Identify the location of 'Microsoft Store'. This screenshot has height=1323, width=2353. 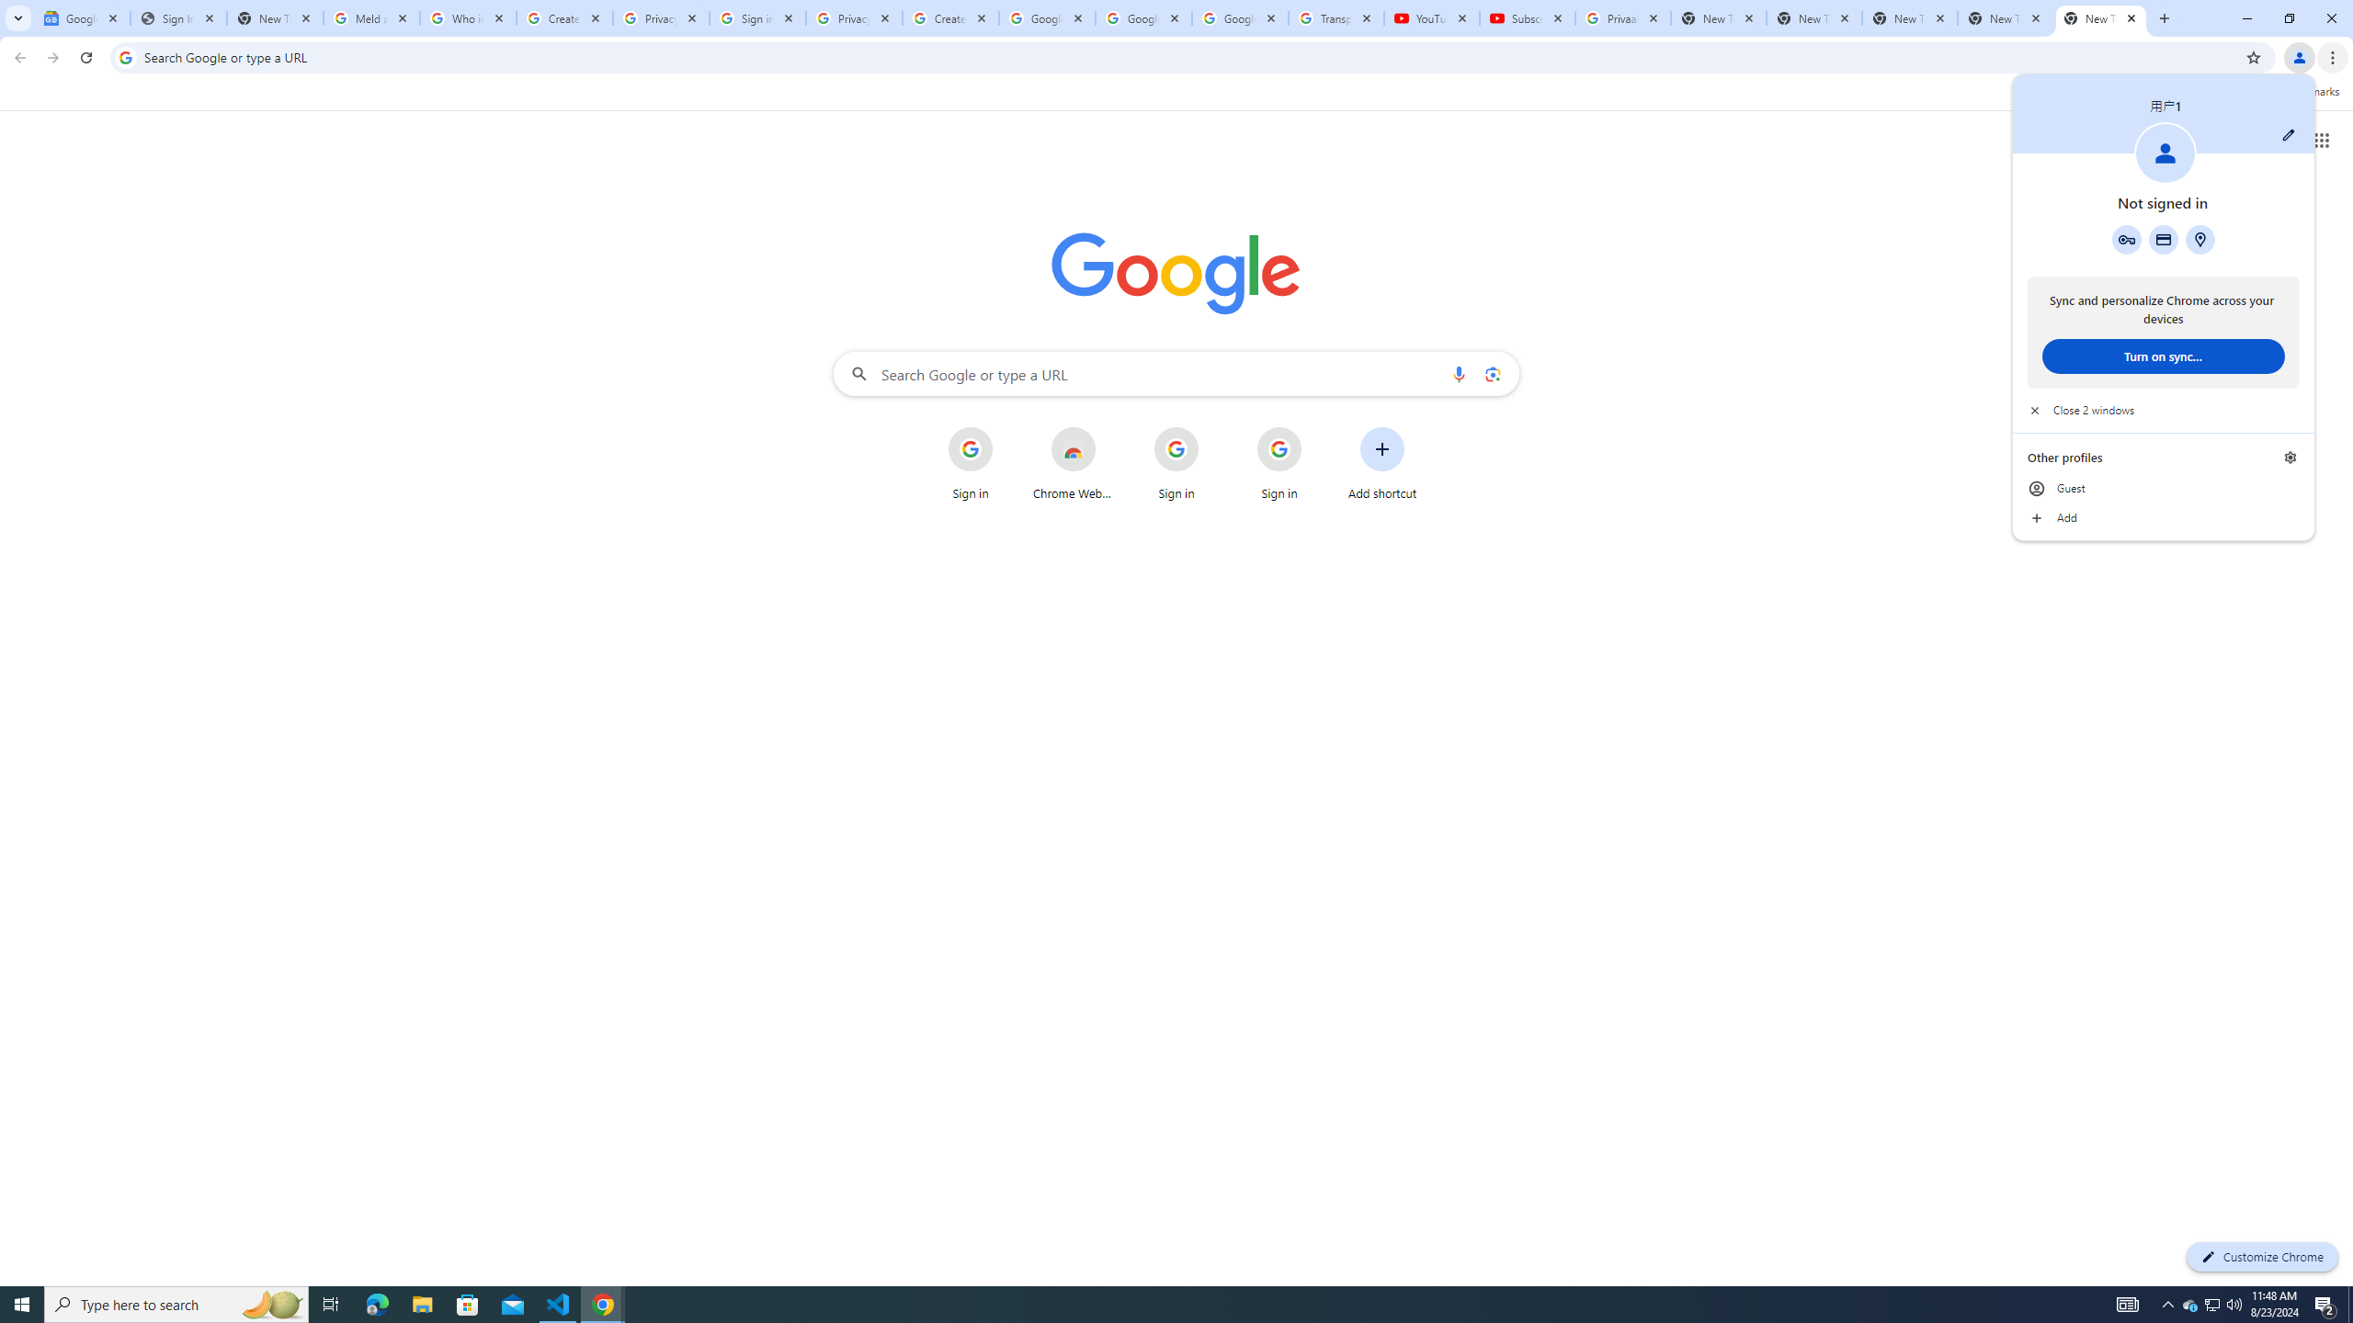
(468, 1303).